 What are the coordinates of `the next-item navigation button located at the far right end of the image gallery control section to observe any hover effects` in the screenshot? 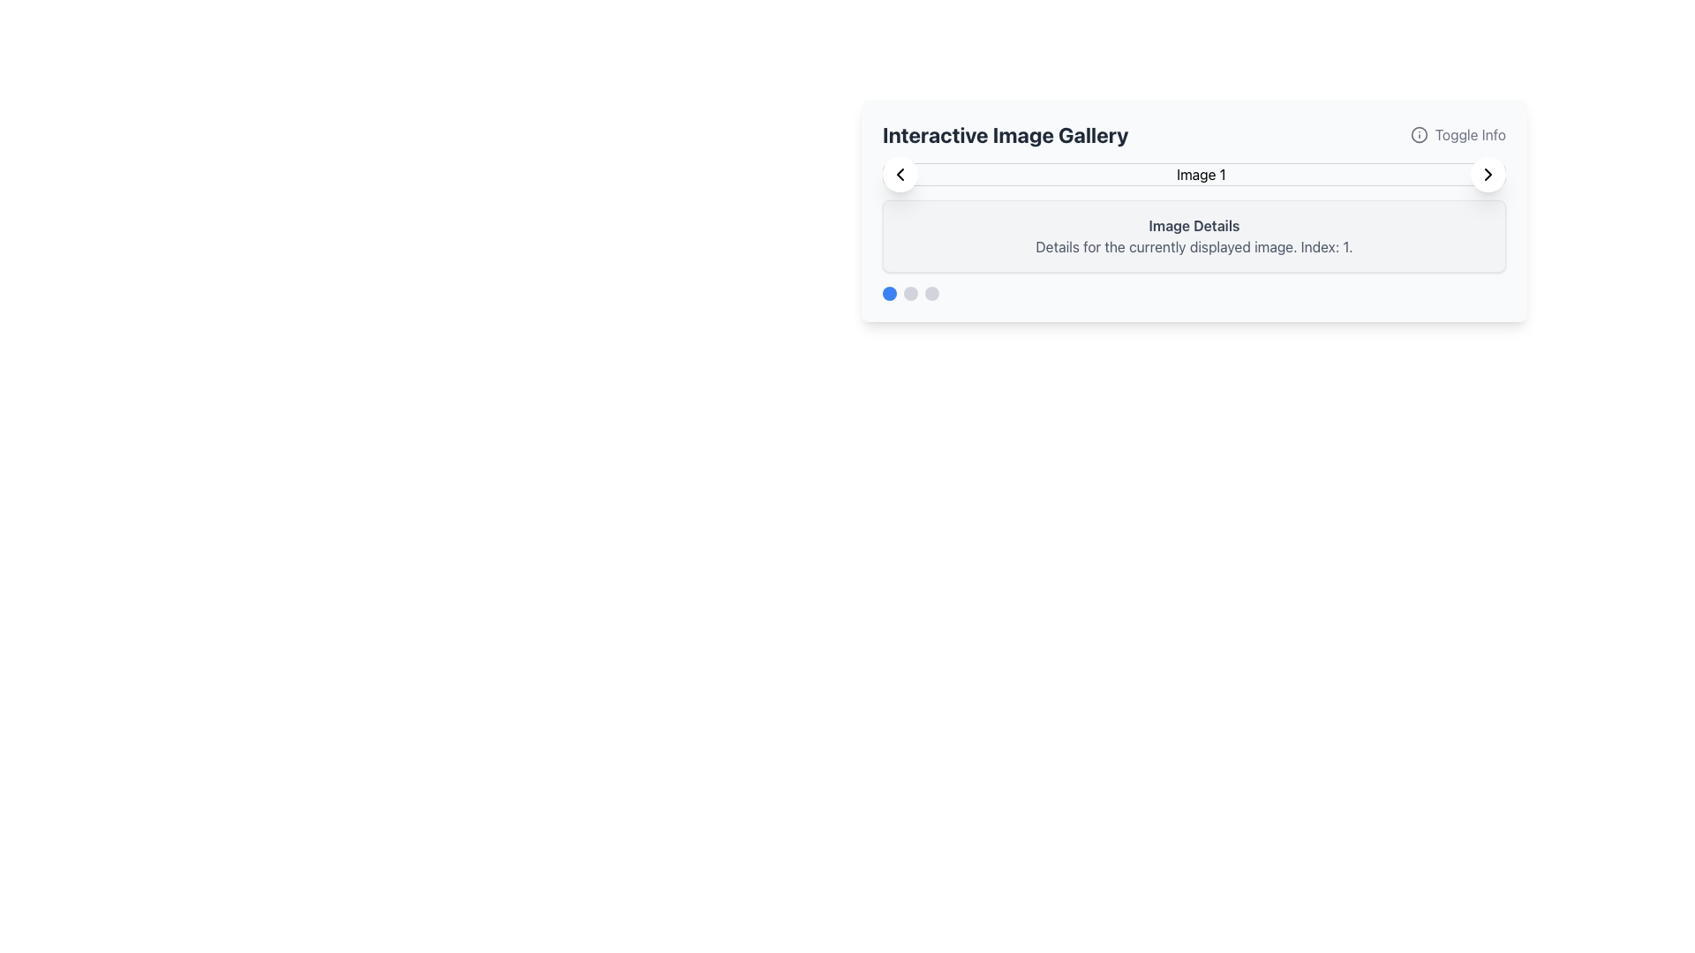 It's located at (1487, 174).